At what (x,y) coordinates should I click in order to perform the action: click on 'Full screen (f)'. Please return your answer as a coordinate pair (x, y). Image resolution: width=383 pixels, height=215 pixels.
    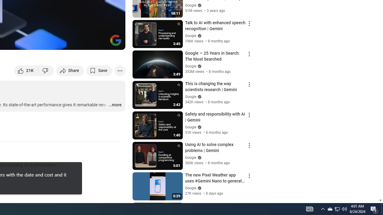
    Looking at the image, I should click on (114, 42).